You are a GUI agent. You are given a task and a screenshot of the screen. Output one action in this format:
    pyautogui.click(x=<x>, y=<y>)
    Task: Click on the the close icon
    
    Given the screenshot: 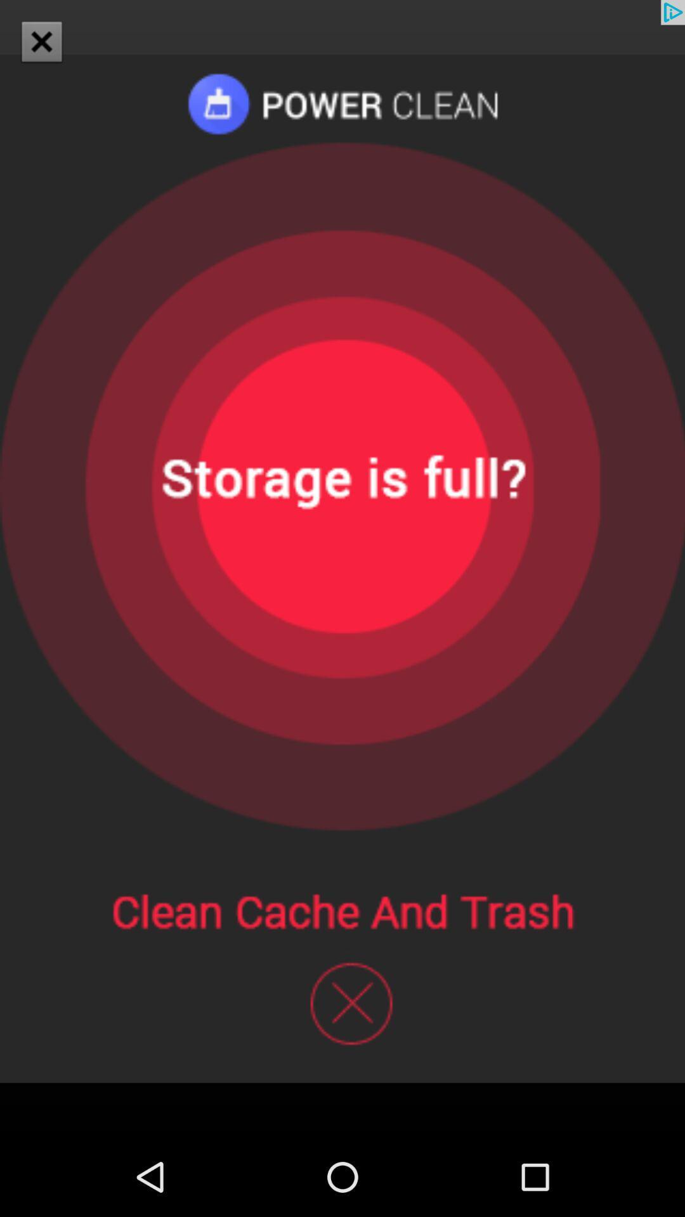 What is the action you would take?
    pyautogui.click(x=41, y=44)
    